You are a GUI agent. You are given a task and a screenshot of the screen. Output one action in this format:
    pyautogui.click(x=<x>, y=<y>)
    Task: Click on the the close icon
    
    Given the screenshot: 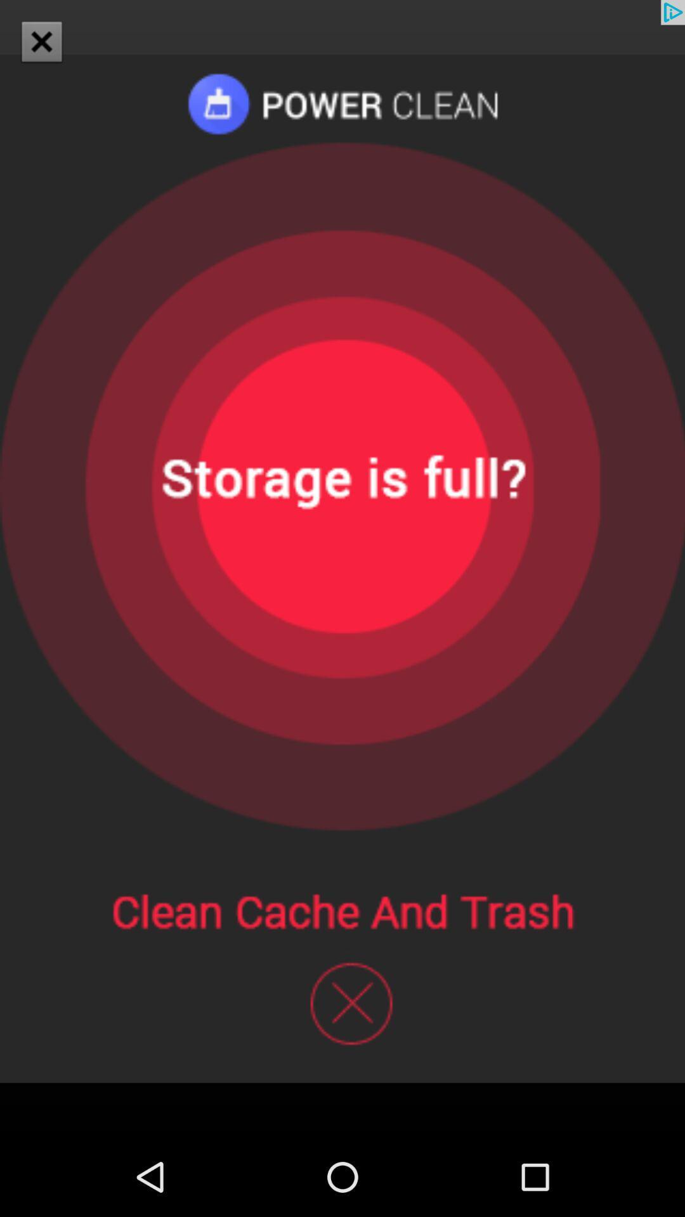 What is the action you would take?
    pyautogui.click(x=41, y=44)
    